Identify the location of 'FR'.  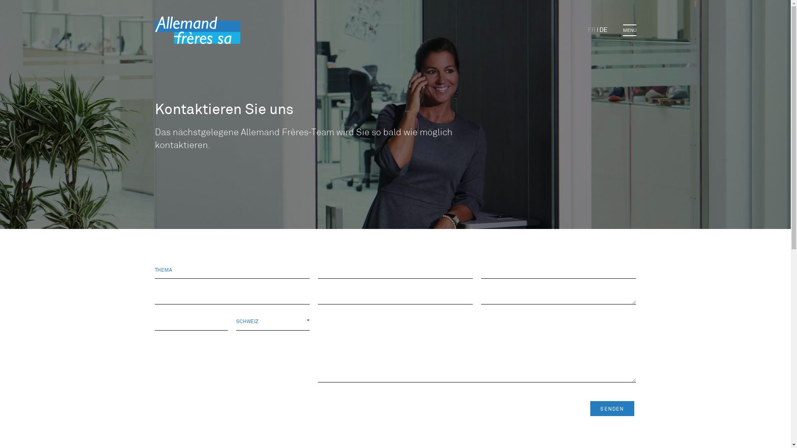
(591, 30).